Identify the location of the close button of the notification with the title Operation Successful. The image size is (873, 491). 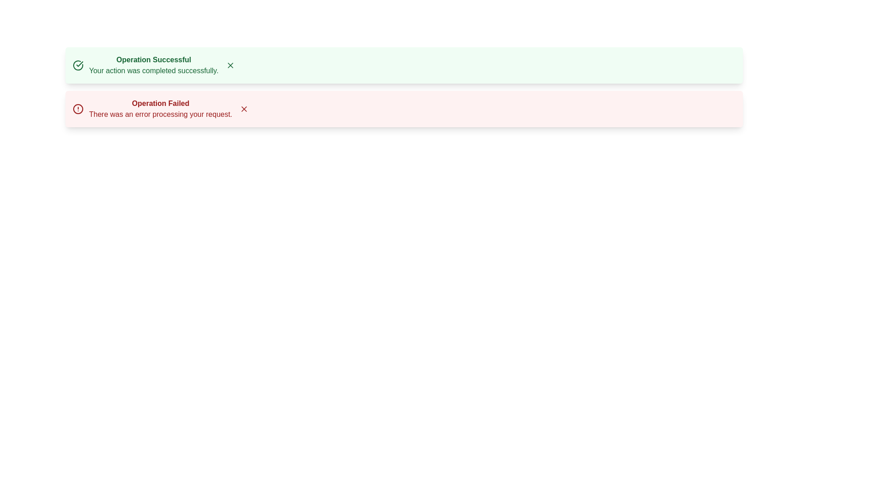
(230, 65).